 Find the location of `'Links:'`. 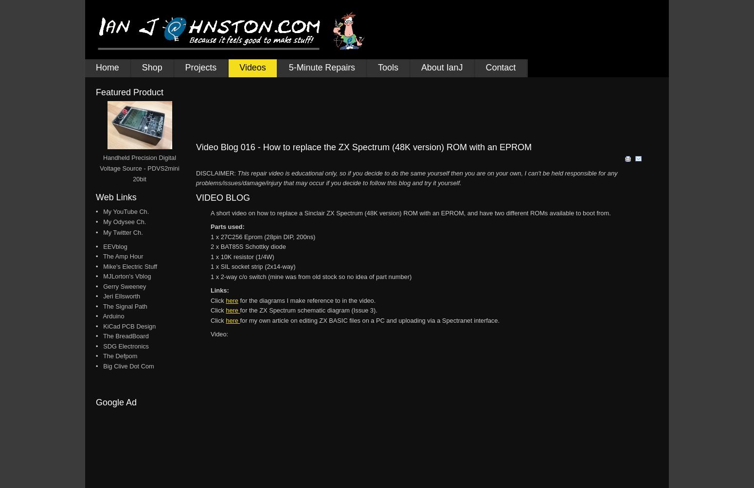

'Links:' is located at coordinates (219, 290).